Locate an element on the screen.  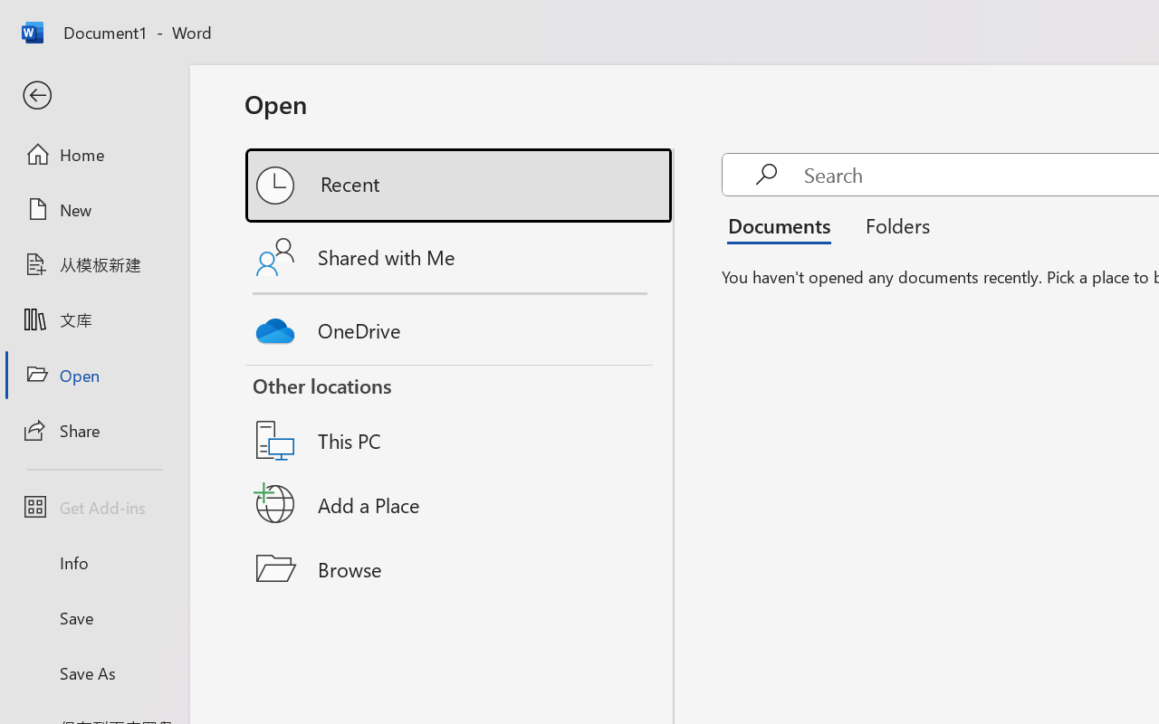
'Get Add-ins' is located at coordinates (93, 507).